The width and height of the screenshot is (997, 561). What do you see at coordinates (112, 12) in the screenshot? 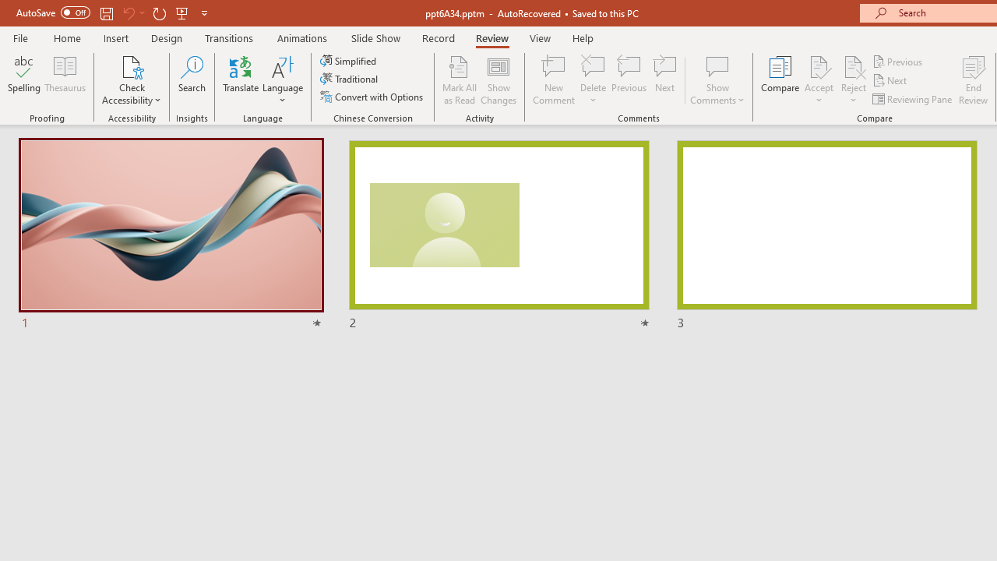
I see `'Quick Access Toolbar'` at bounding box center [112, 12].